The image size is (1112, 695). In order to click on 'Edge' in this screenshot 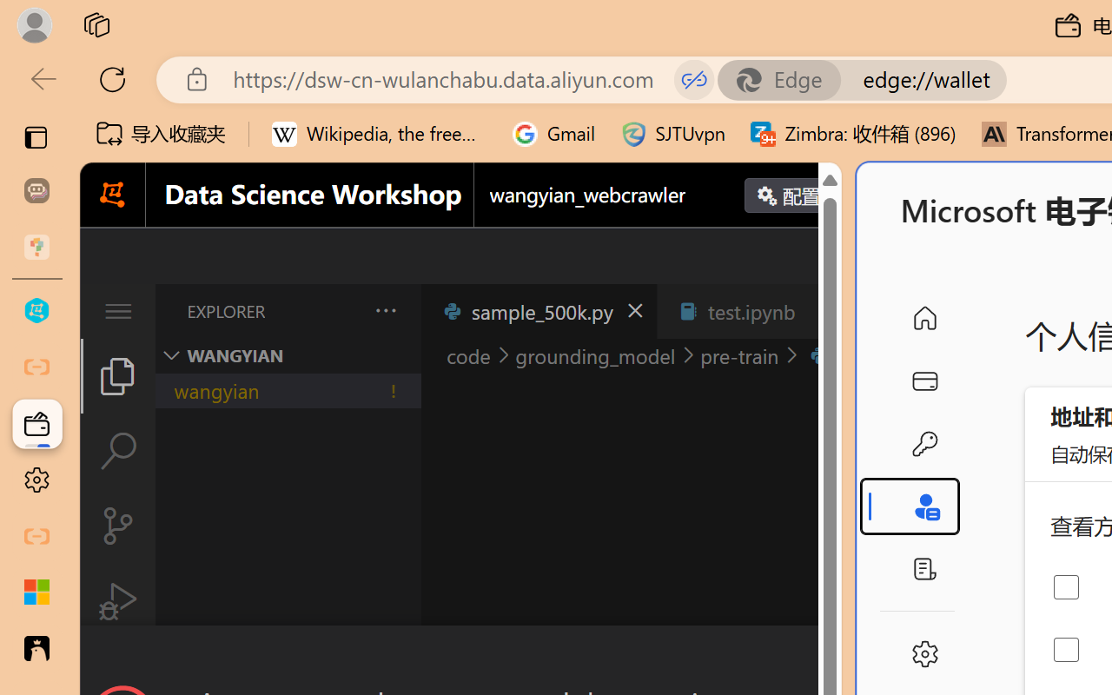, I will do `click(786, 79)`.